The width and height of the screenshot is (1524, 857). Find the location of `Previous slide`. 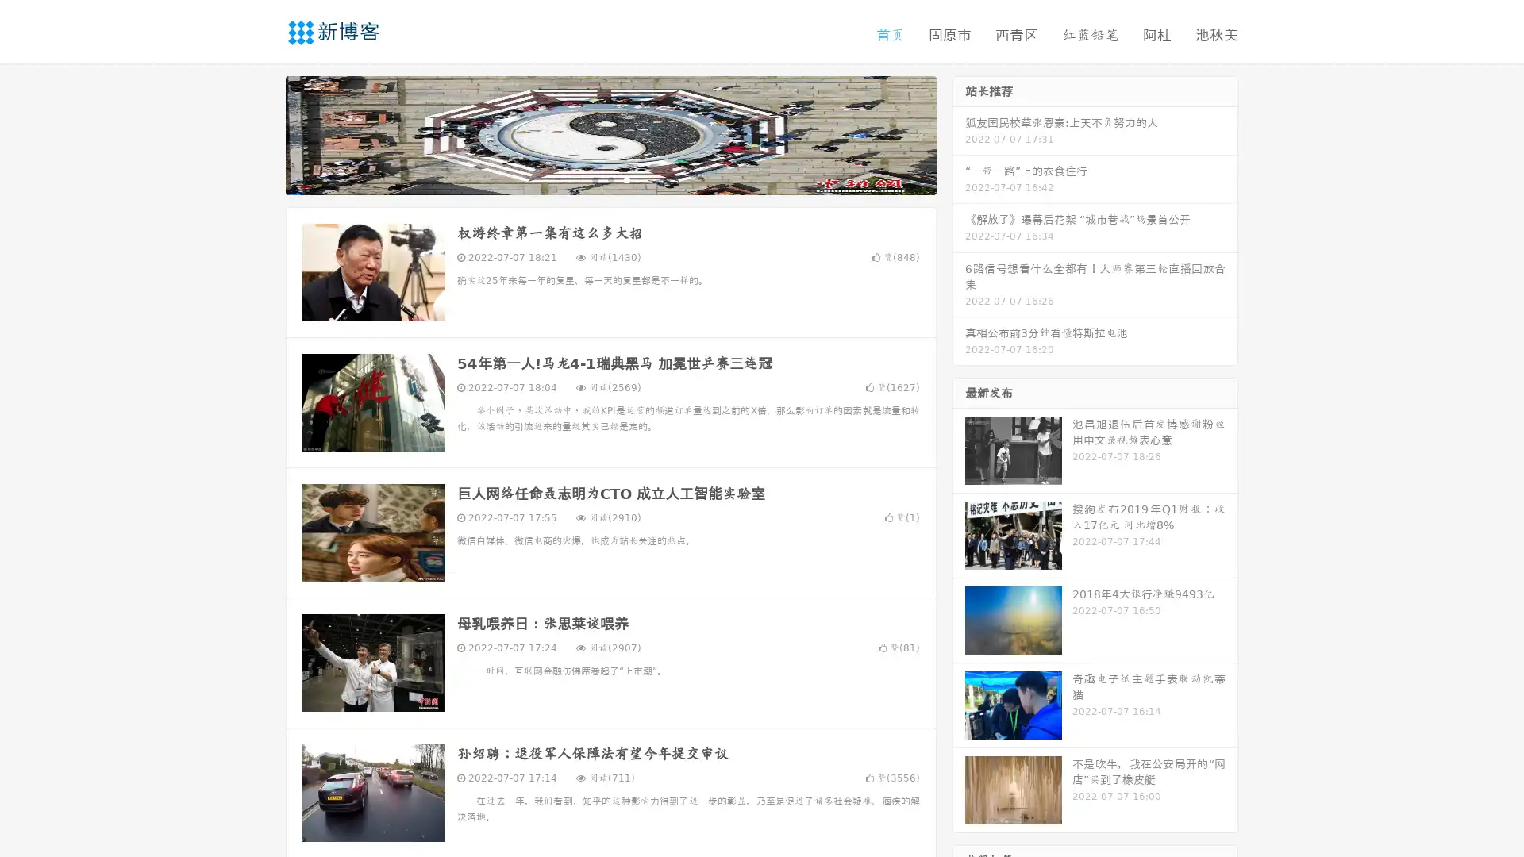

Previous slide is located at coordinates (262, 133).